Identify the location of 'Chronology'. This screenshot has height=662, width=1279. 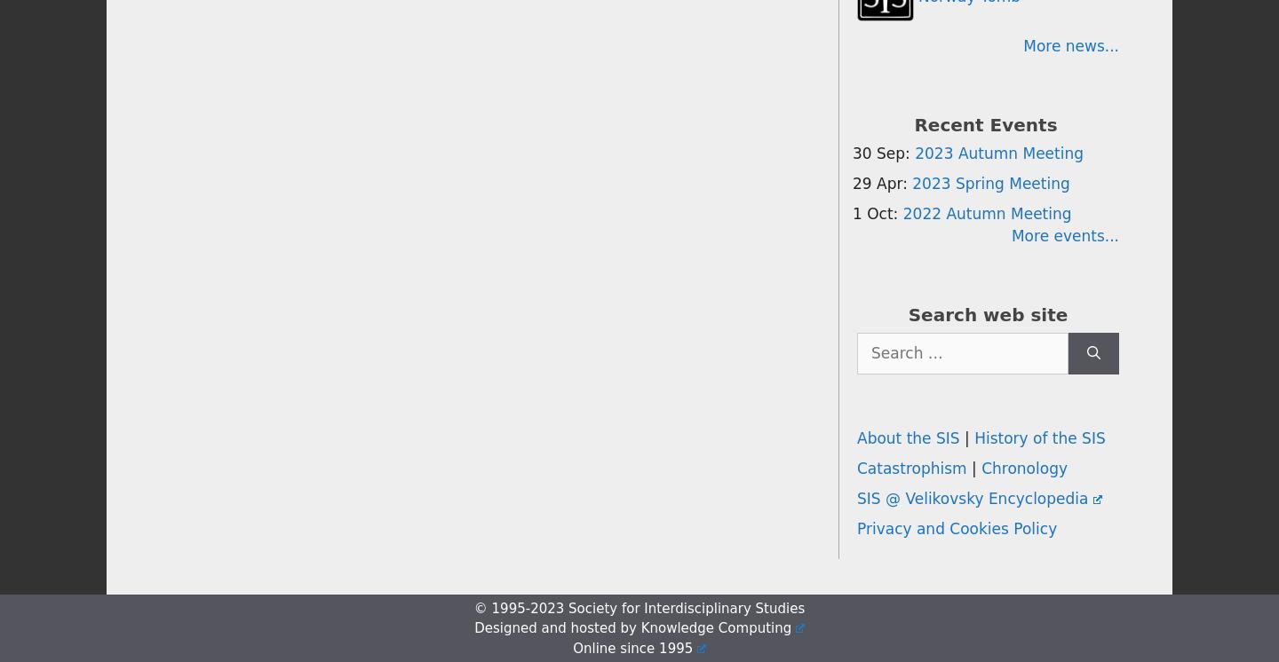
(1024, 469).